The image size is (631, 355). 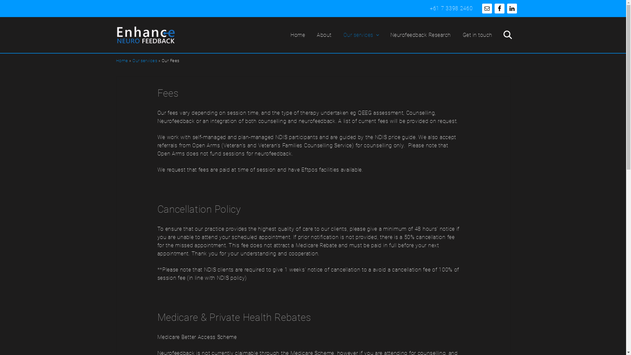 What do you see at coordinates (506, 9) in the screenshot?
I see `'LinkedIn'` at bounding box center [506, 9].